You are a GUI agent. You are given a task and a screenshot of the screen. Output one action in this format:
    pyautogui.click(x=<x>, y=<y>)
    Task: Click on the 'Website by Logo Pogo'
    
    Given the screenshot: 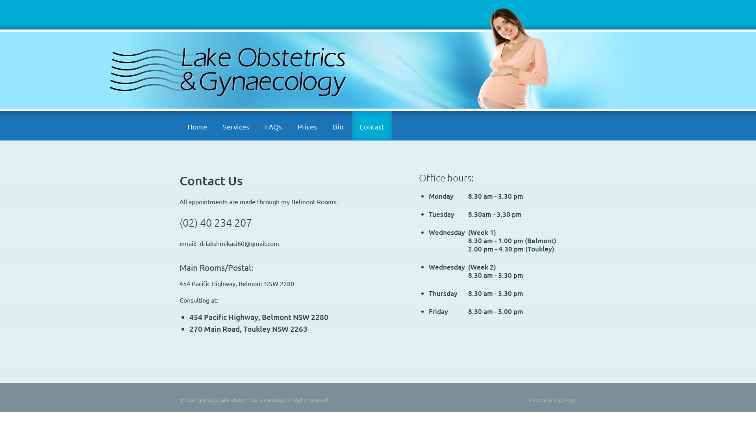 What is the action you would take?
    pyautogui.click(x=552, y=399)
    